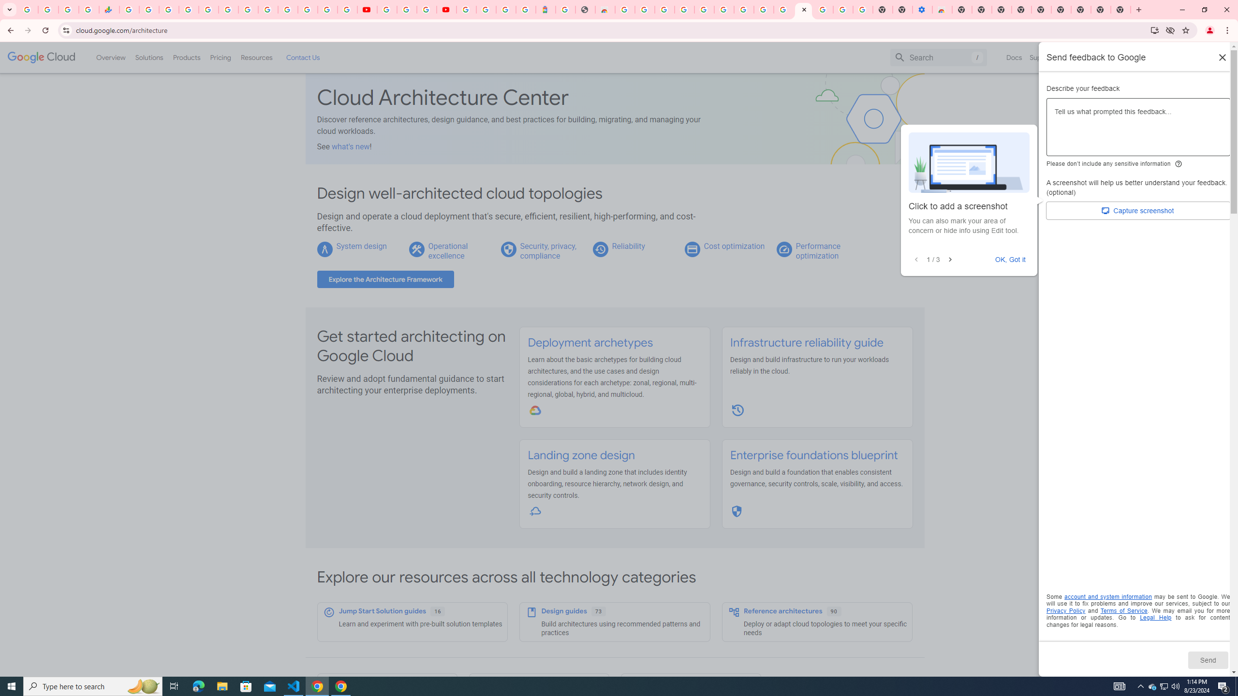  What do you see at coordinates (812, 455) in the screenshot?
I see `'Enterprise foundations blueprint'` at bounding box center [812, 455].